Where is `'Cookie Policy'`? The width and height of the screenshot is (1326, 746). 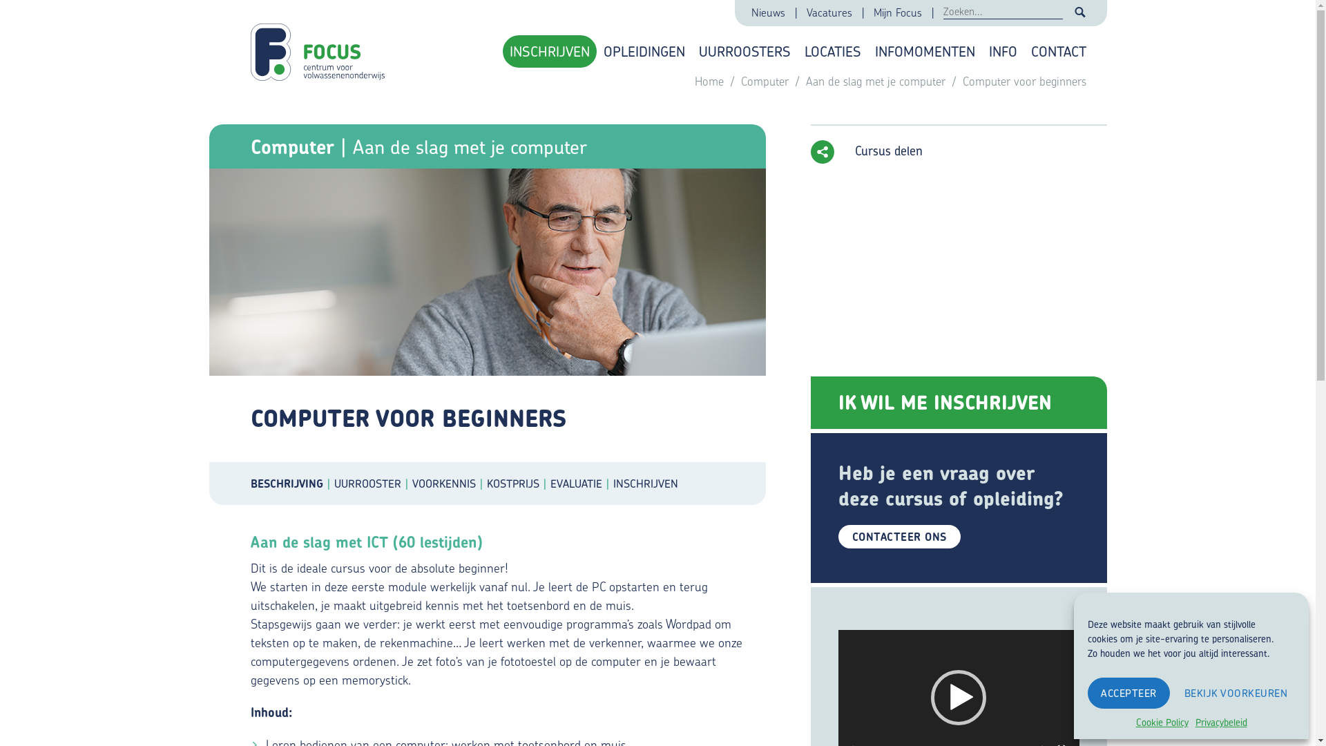
'Cookie Policy' is located at coordinates (1160, 721).